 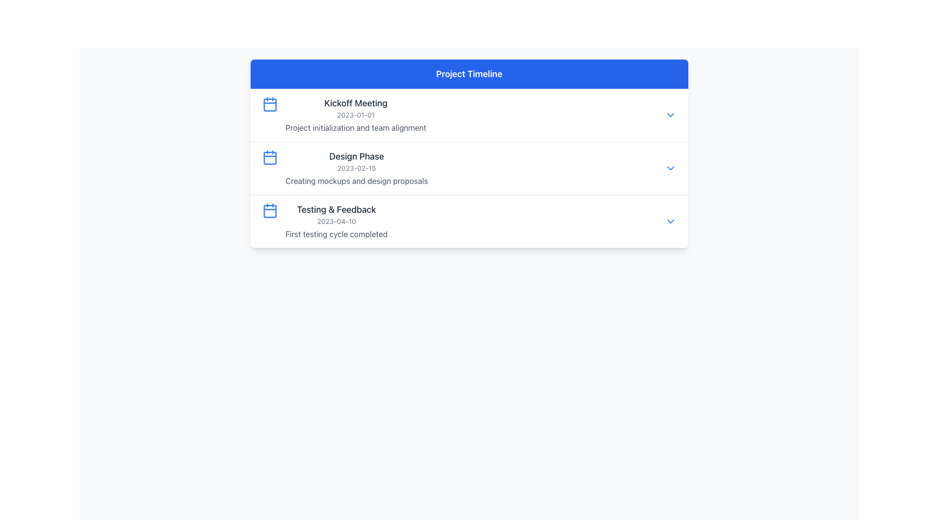 I want to click on the Text Display element that indicates the date of the 'Kickoff Meeting', which is located beneath the title 'Kickoff Meeting' and above the text 'Project initialization and team alignment', so click(x=355, y=114).